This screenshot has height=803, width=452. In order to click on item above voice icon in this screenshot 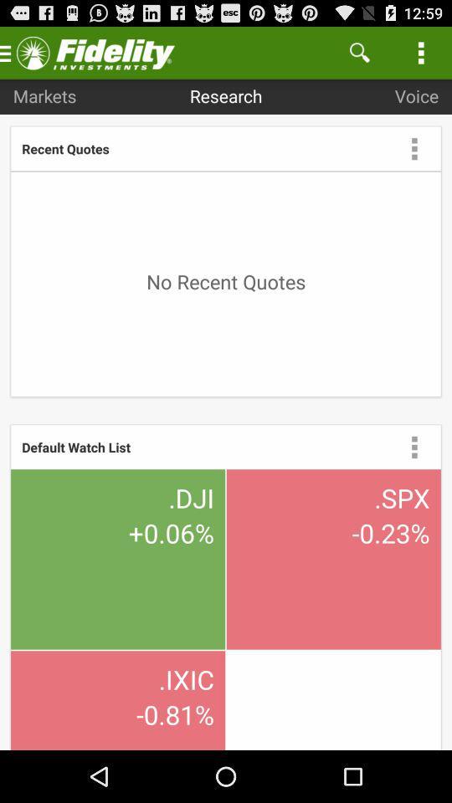, I will do `click(420, 52)`.